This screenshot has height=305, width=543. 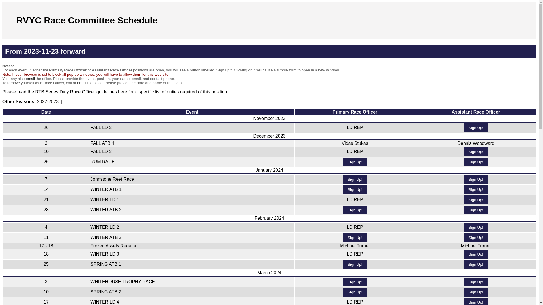 What do you see at coordinates (476, 189) in the screenshot?
I see `'Sign Up!'` at bounding box center [476, 189].